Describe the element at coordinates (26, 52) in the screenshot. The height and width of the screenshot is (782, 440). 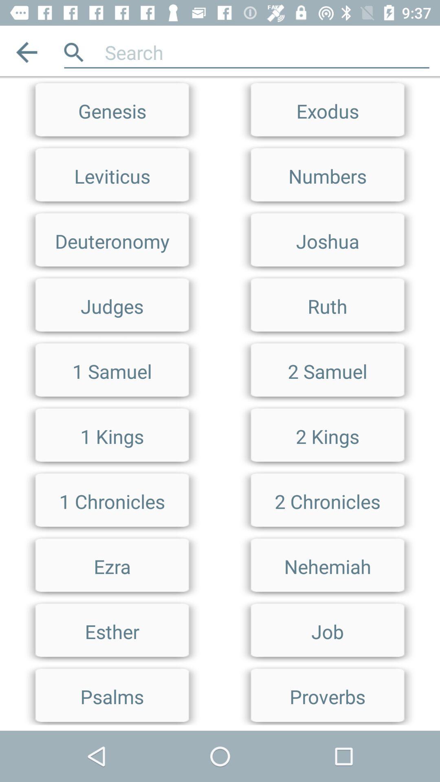
I see `the item above genesis item` at that location.